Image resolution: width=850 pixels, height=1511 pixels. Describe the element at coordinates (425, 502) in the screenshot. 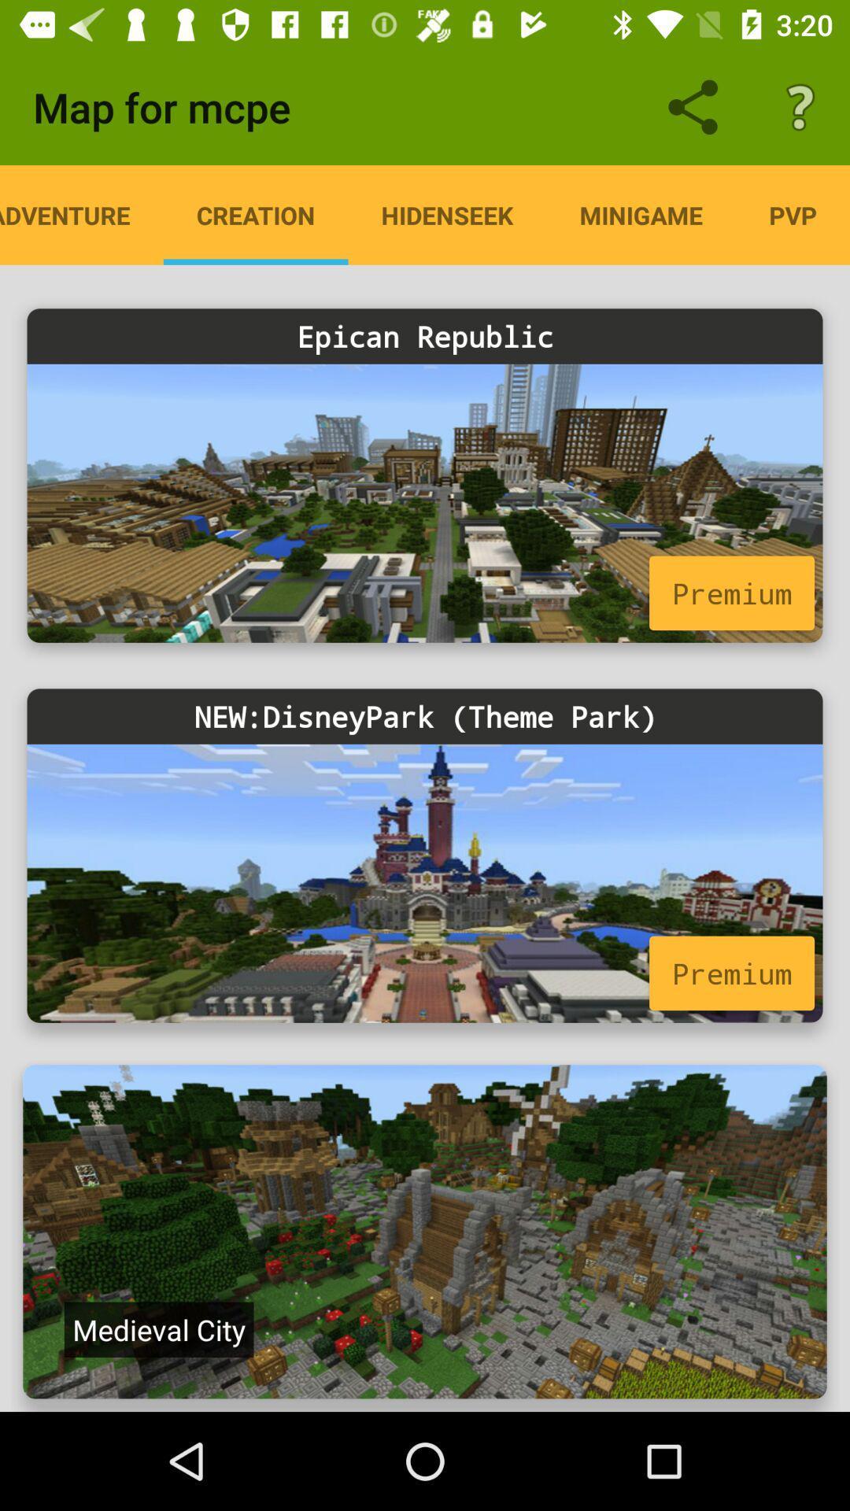

I see `upgrade to premium` at that location.